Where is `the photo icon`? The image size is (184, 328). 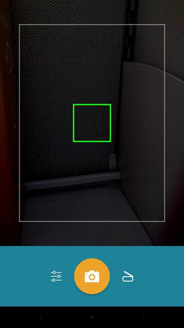 the photo icon is located at coordinates (92, 276).